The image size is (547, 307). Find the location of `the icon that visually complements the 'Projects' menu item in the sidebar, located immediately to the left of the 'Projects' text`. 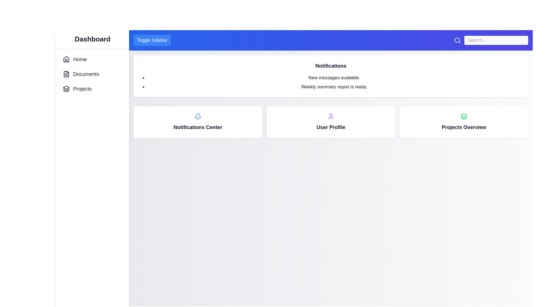

the icon that visually complements the 'Projects' menu item in the sidebar, located immediately to the left of the 'Projects' text is located at coordinates (66, 89).